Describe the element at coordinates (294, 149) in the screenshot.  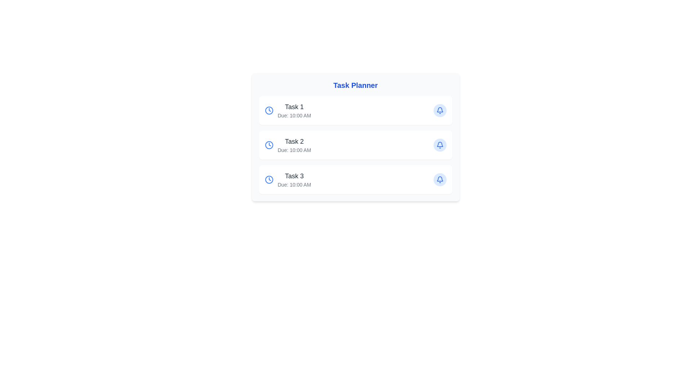
I see `the text label displaying the due time for 'Task 2', which is positioned directly under the title 'Task 2'` at that location.